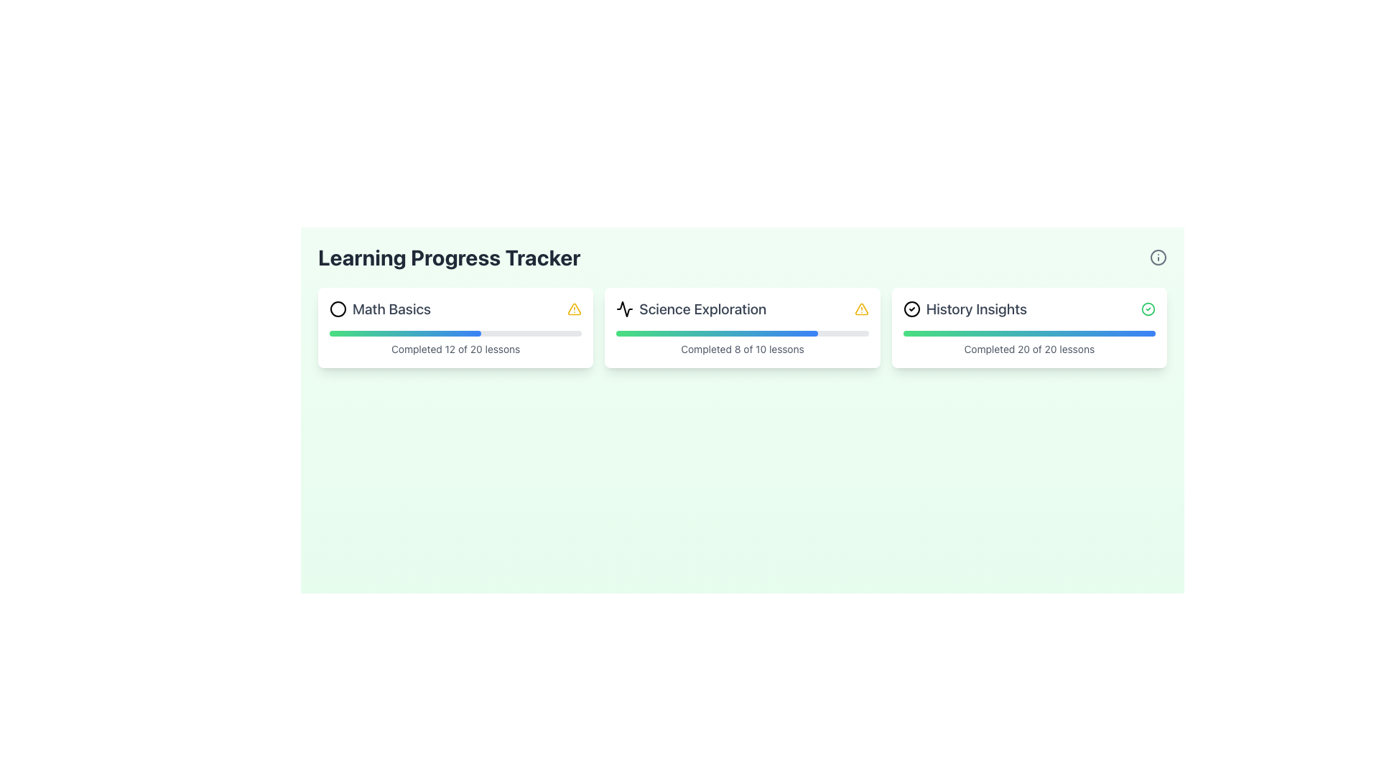 The height and width of the screenshot is (775, 1379). What do you see at coordinates (976, 309) in the screenshot?
I see `text label 'History Insights' located in the rightmost progress card, which is associated with a checkmark icon on the left` at bounding box center [976, 309].